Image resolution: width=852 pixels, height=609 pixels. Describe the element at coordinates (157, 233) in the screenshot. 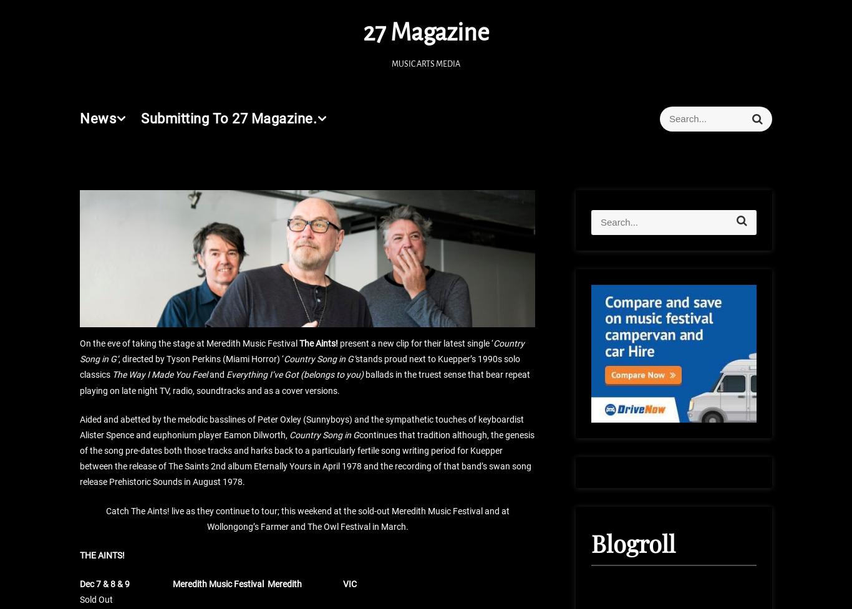

I see `'Live Review: Robbie Williams'` at that location.